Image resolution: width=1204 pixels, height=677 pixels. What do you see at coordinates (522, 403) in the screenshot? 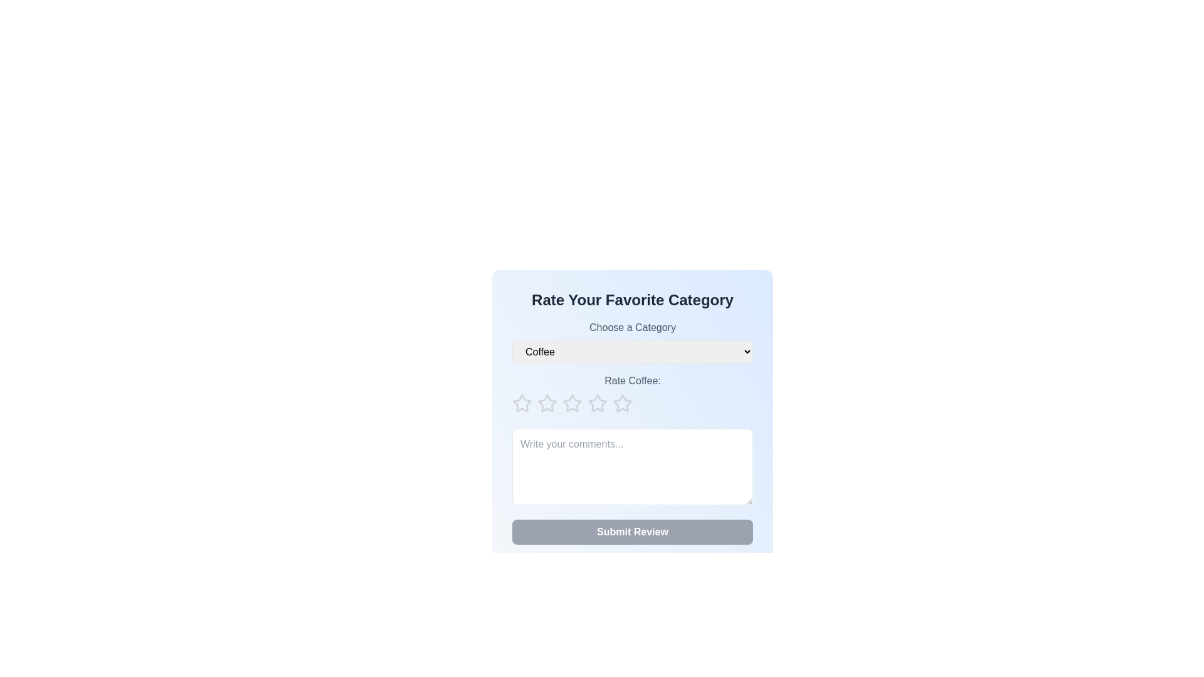
I see `the first interactive rating star button, which is a hollow gray five-pointed star icon indicating an unselected state` at bounding box center [522, 403].